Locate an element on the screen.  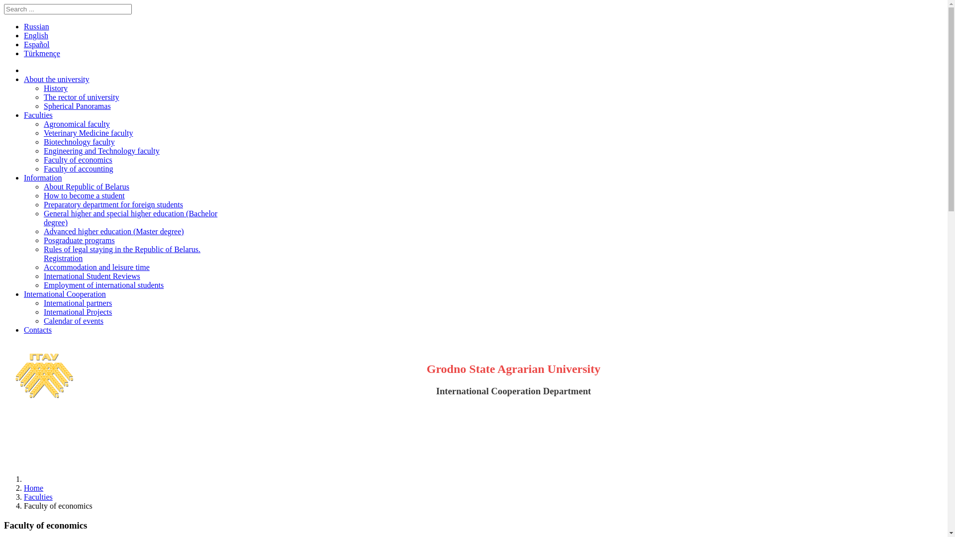
'Faculty of accounting' is located at coordinates (43, 168).